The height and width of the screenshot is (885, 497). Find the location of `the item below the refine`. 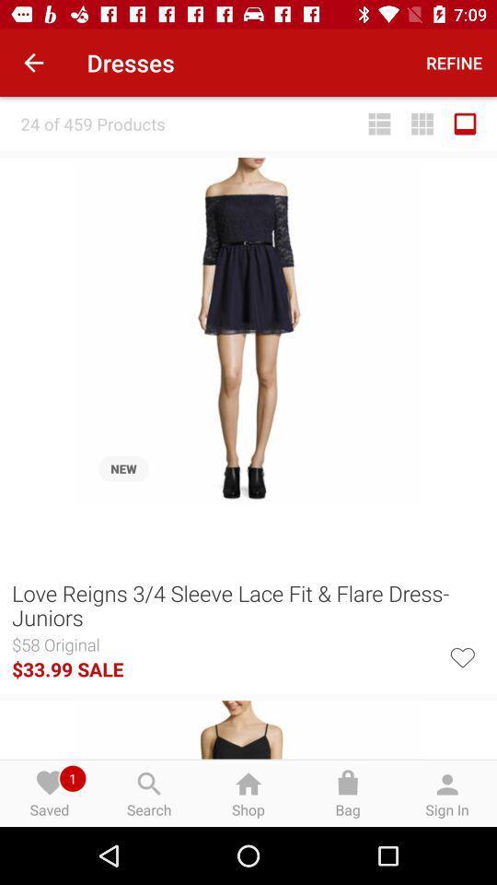

the item below the refine is located at coordinates (422, 123).